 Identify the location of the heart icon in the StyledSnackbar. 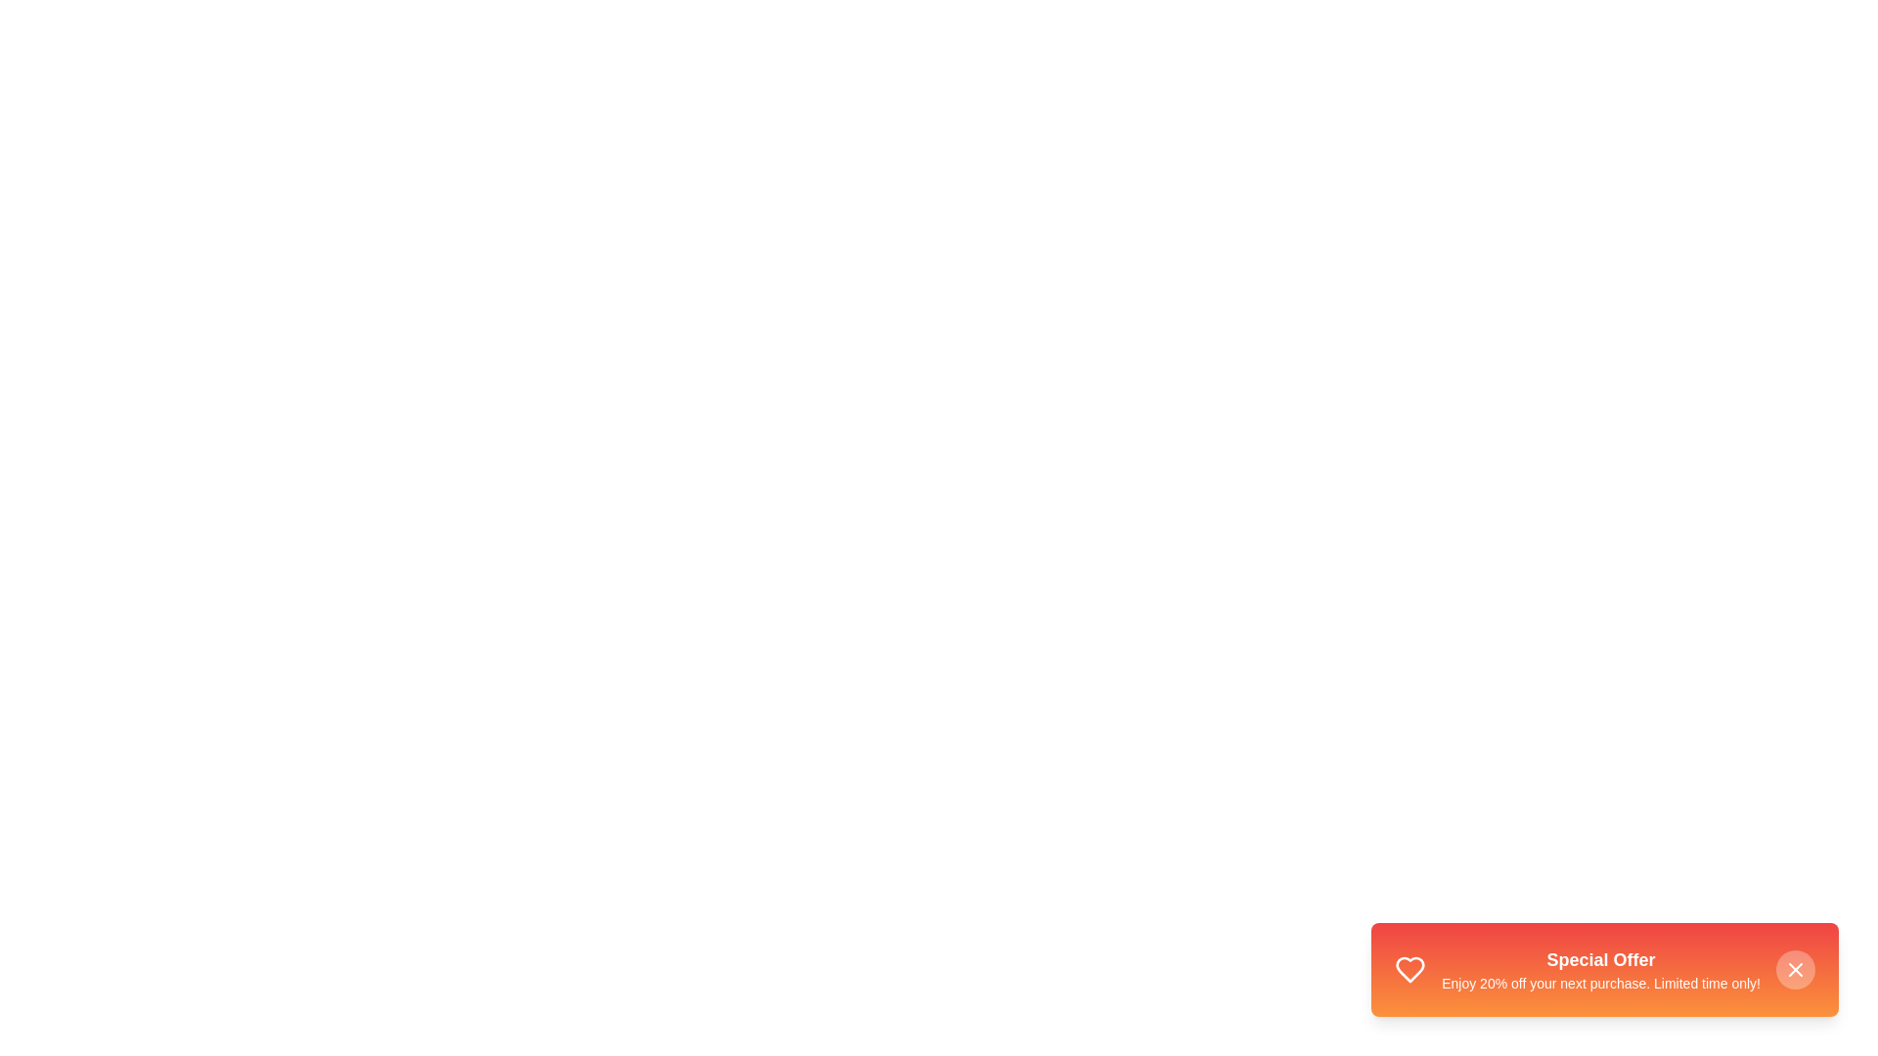
(1409, 969).